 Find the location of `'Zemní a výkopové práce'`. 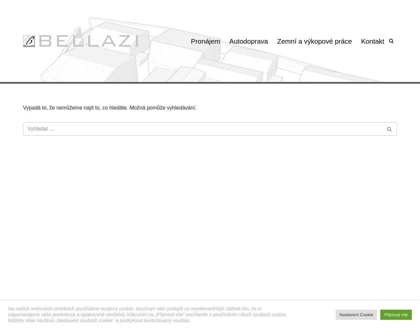

'Zemní a výkopové práce' is located at coordinates (314, 40).